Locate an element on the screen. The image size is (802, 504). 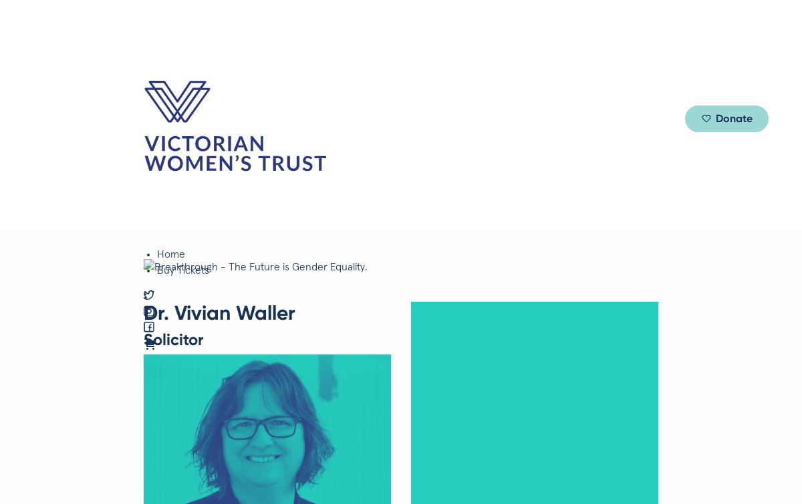
'women@vwt.org.au' is located at coordinates (20, 478).